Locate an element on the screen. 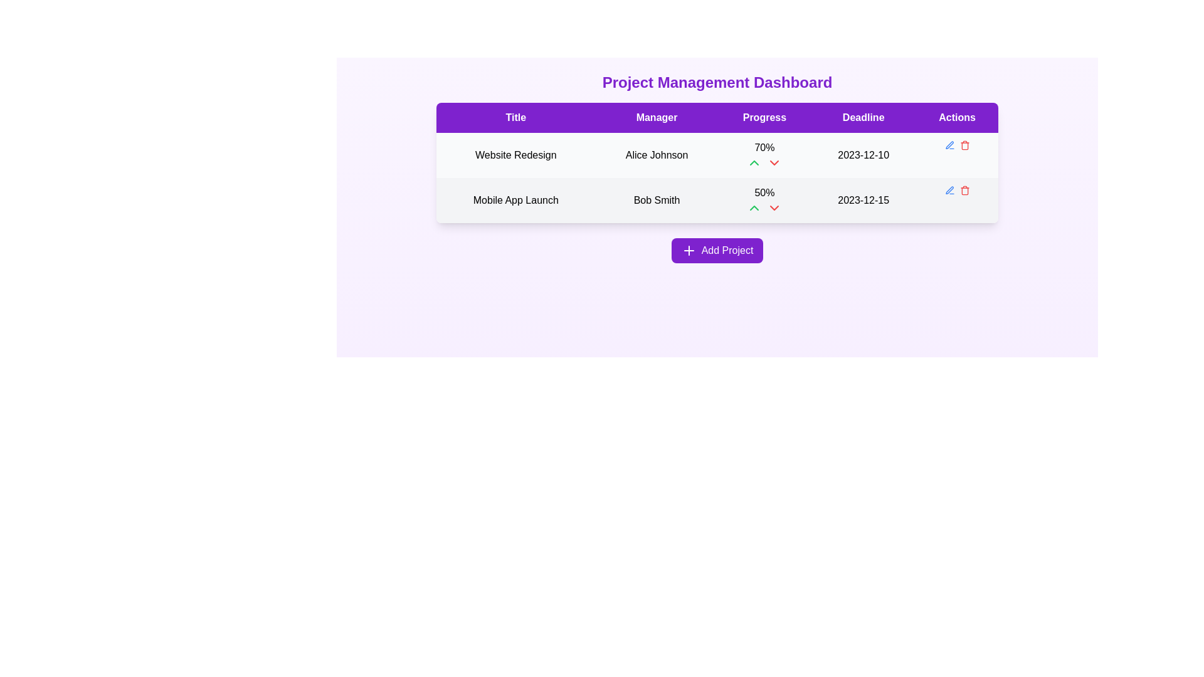 This screenshot has height=677, width=1204. the downward-pointing red chevron icon located in the 'Progress' column of the table is located at coordinates (774, 207).